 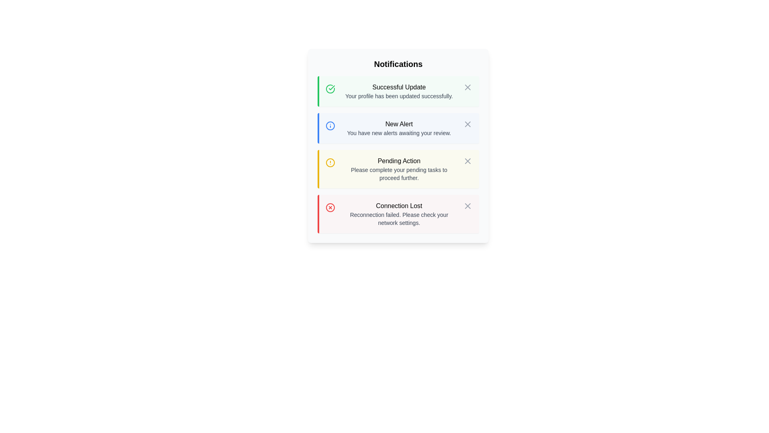 I want to click on the fourth textual notification block indicating a failure in reconnecting due to network issues, which is positioned below 'Pending Action' in the central dialog, so click(x=399, y=213).